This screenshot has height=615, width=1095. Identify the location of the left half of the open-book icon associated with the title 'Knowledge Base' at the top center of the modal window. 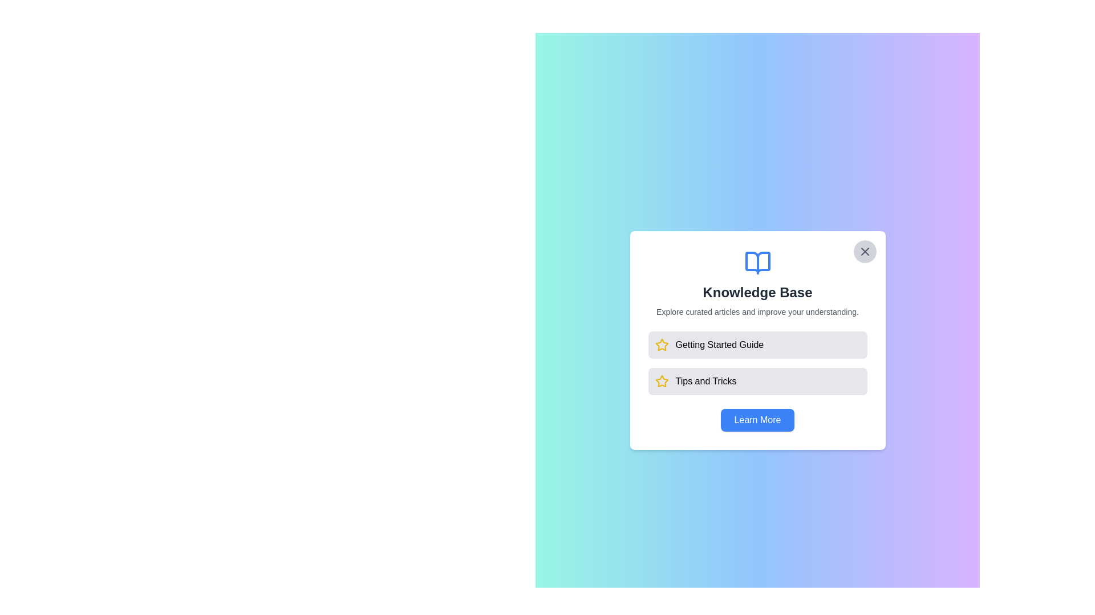
(757, 263).